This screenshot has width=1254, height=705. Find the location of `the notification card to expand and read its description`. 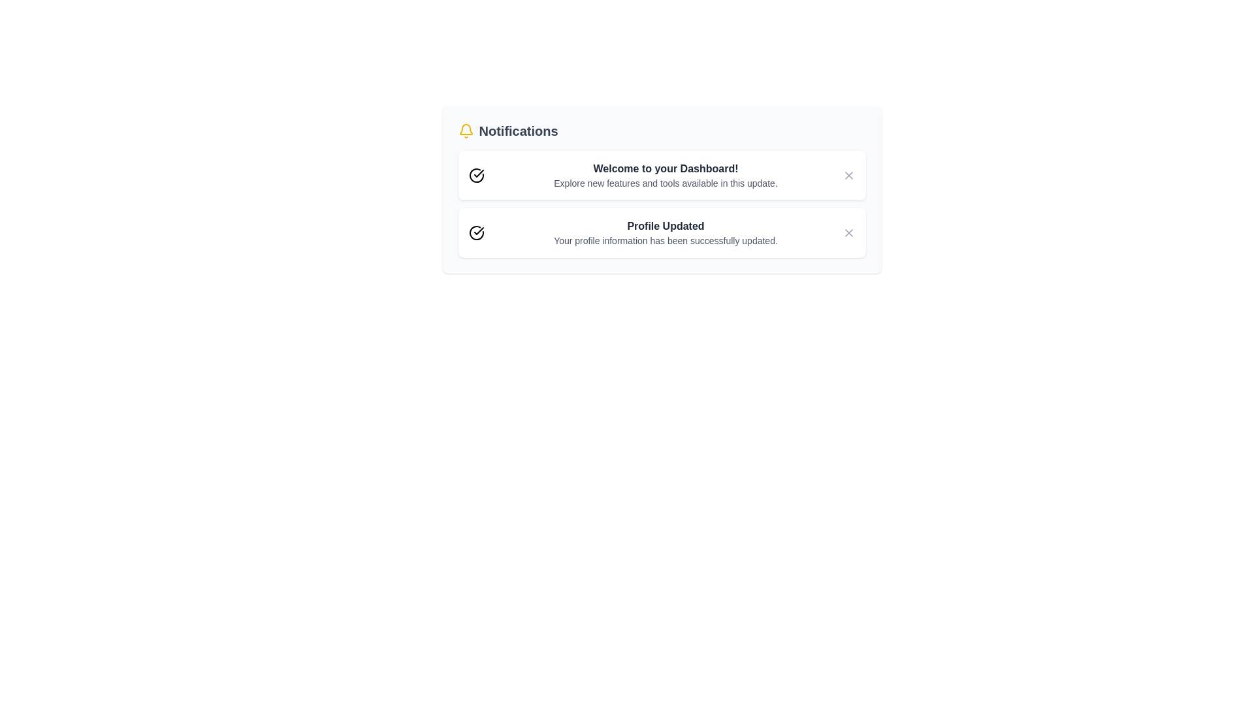

the notification card to expand and read its description is located at coordinates (661, 175).